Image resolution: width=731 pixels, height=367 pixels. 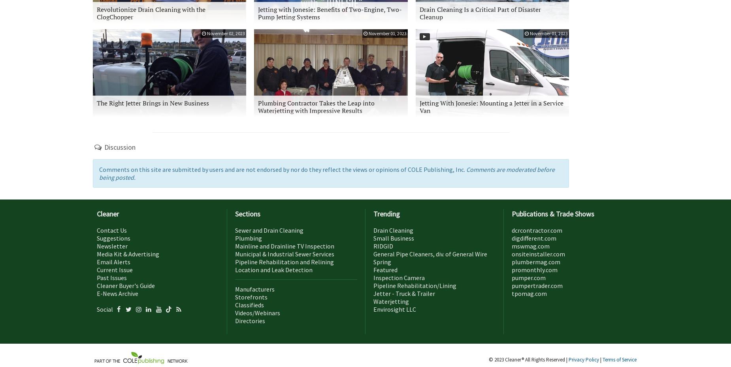 I want to click on 'Sections', so click(x=247, y=214).